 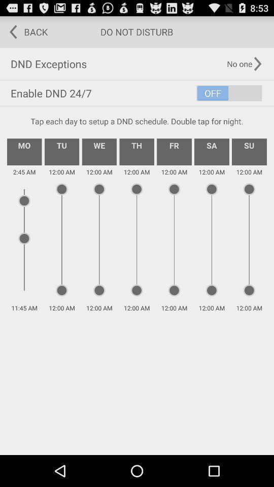 I want to click on the mo icon, so click(x=24, y=151).